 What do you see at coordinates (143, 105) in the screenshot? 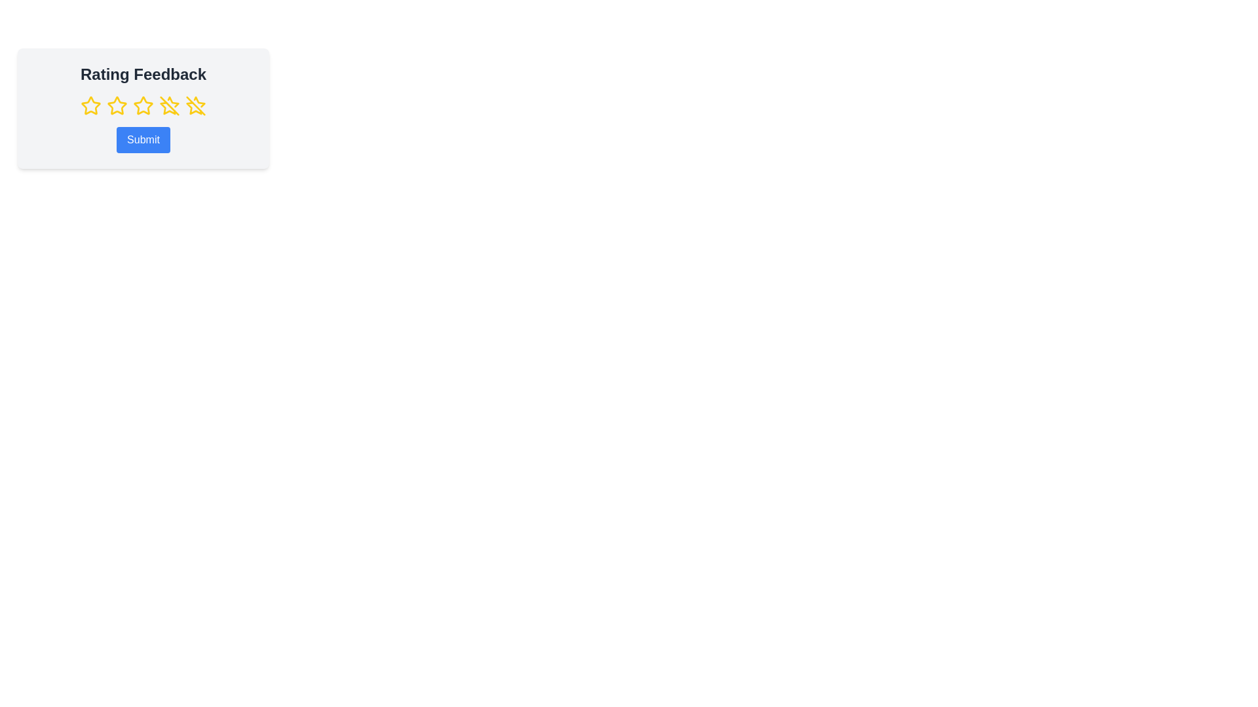
I see `the third star icon in the rating component located within the 'Rating Feedback' card` at bounding box center [143, 105].